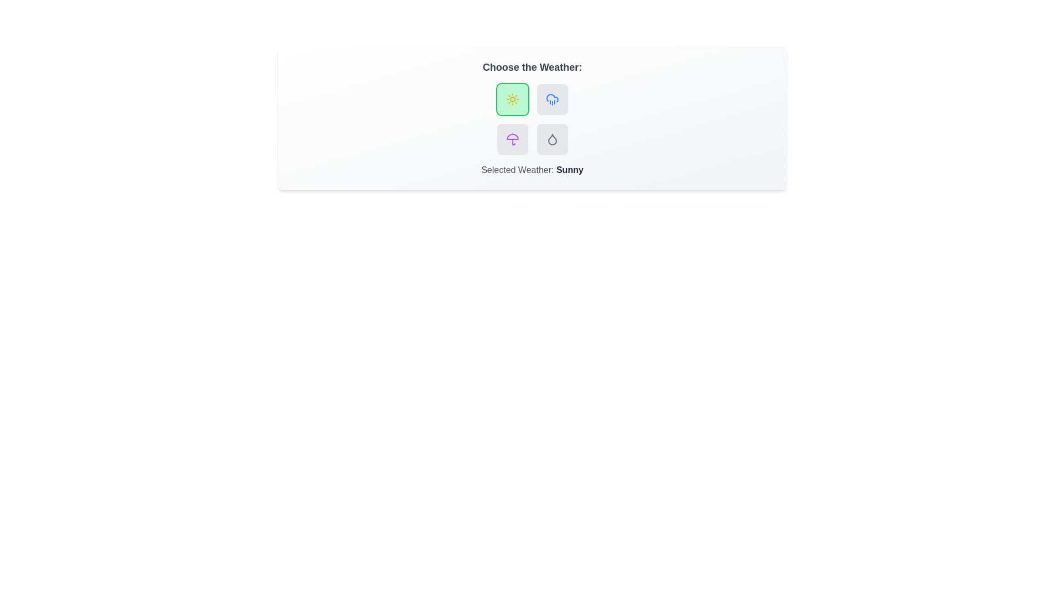 This screenshot has height=597, width=1062. What do you see at coordinates (512, 138) in the screenshot?
I see `the weather option Stormy by clicking the corresponding button` at bounding box center [512, 138].